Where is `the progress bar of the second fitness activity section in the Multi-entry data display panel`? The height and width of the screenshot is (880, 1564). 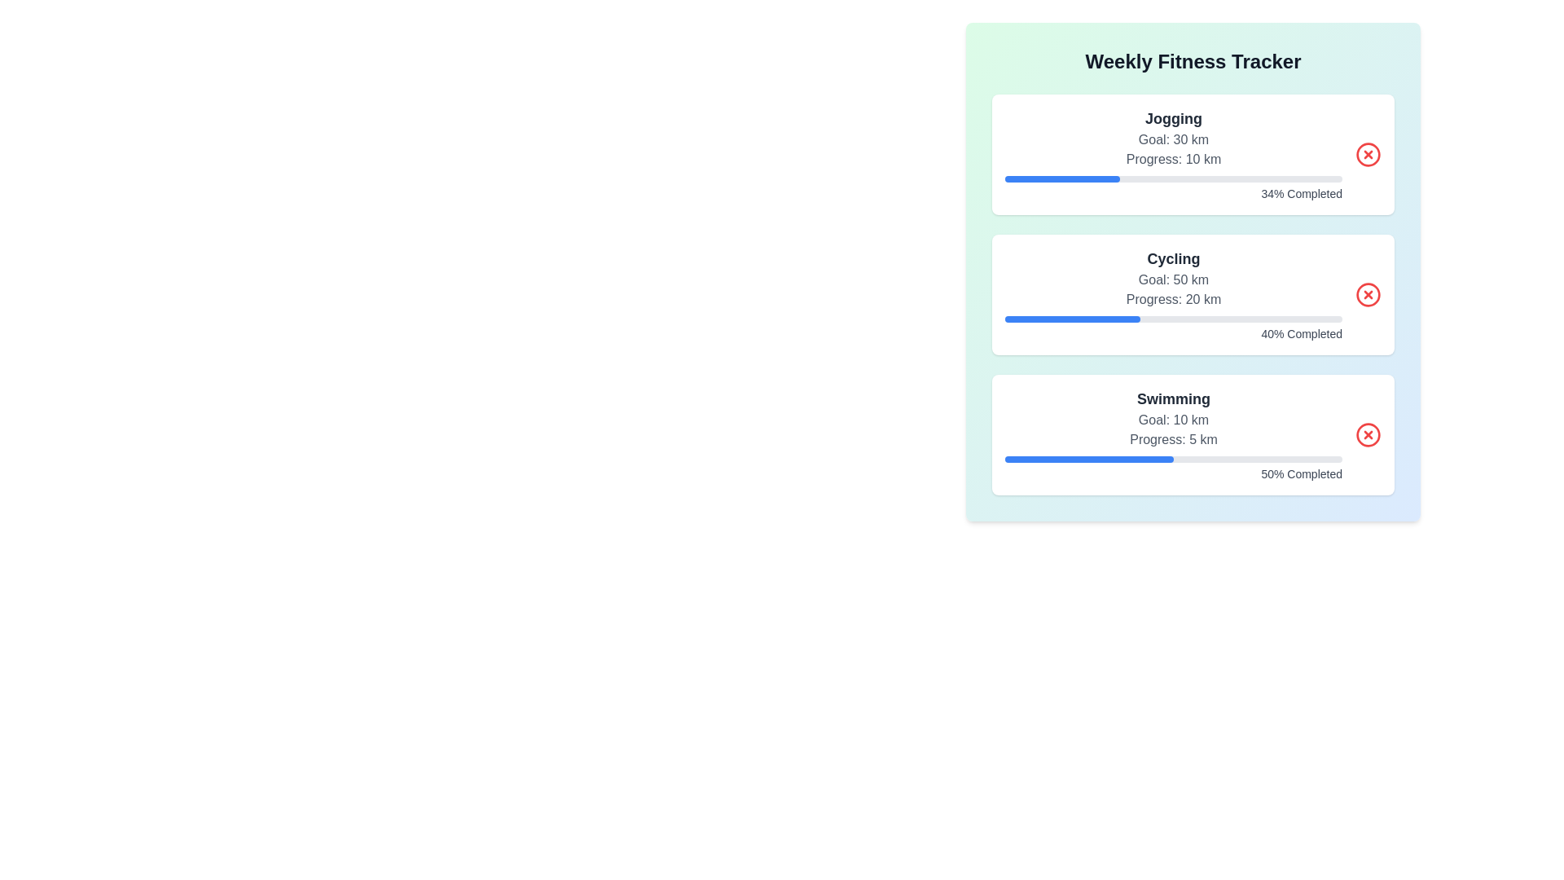 the progress bar of the second fitness activity section in the Multi-entry data display panel is located at coordinates (1193, 295).